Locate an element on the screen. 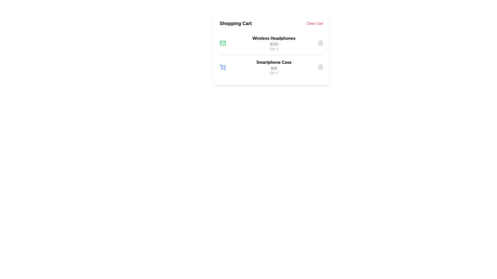 The height and width of the screenshot is (279, 497). the blue shopping cart icon located to the left of the text 'Smartphone Case' in the Shopping Cart panel is located at coordinates (223, 67).